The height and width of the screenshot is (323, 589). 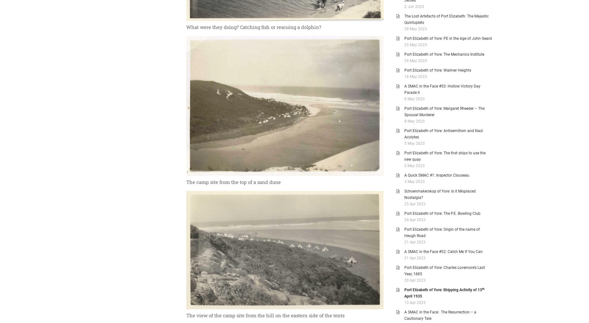 I want to click on '25 May 2023', so click(x=415, y=45).